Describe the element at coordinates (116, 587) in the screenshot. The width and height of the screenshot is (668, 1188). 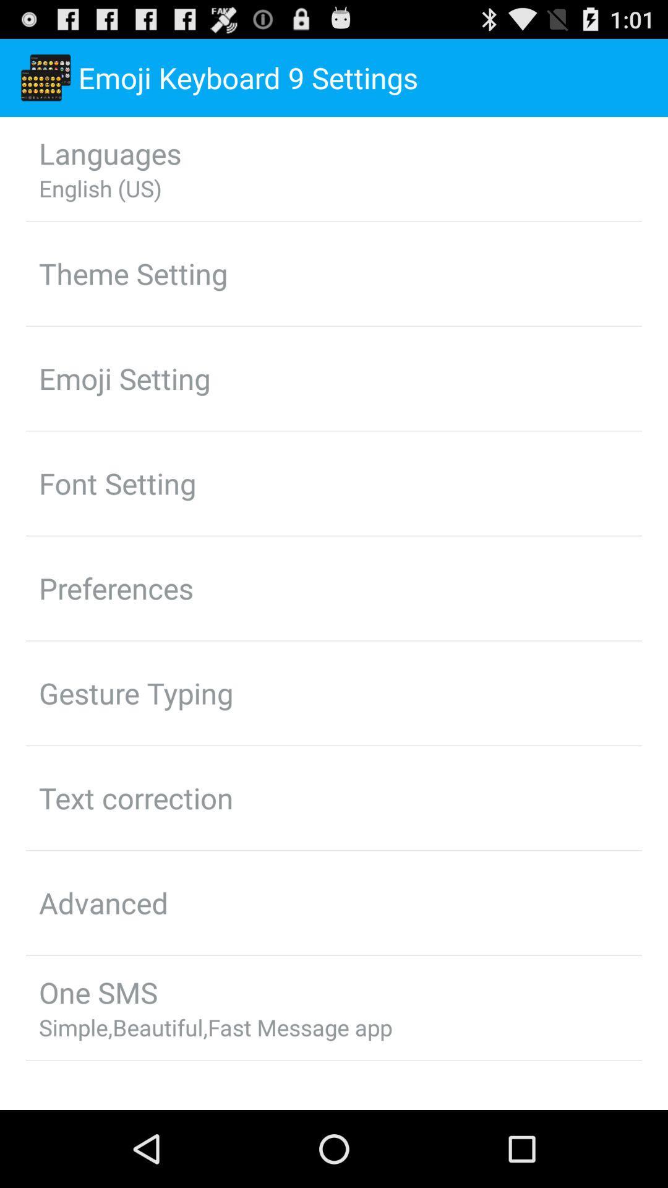
I see `the icon above the gesture typing app` at that location.